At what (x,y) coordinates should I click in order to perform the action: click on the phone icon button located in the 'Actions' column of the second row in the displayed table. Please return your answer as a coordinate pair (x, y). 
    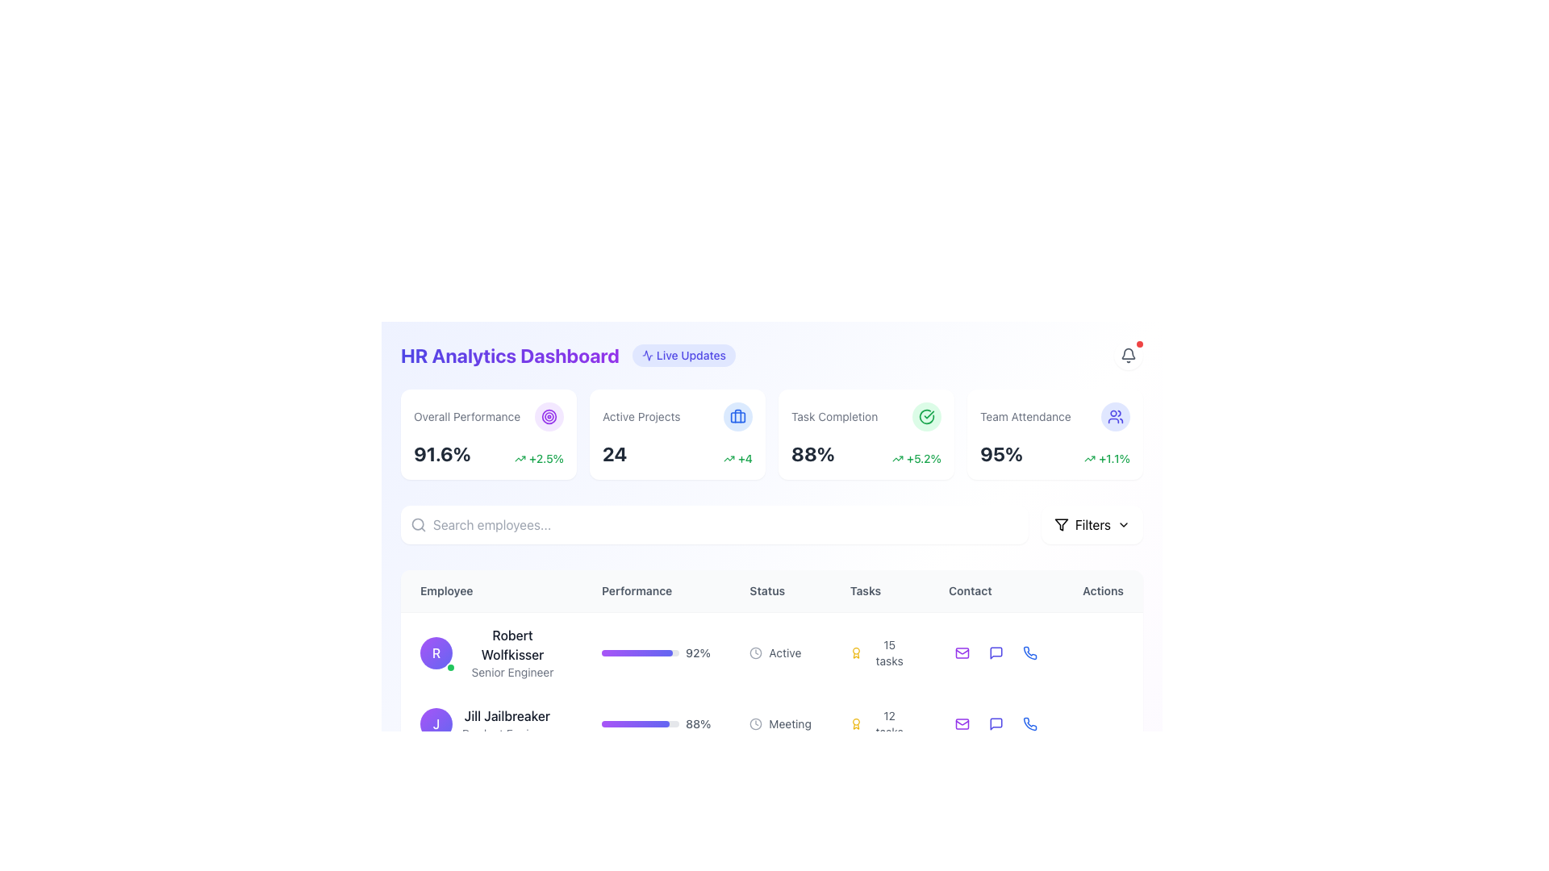
    Looking at the image, I should click on (1029, 723).